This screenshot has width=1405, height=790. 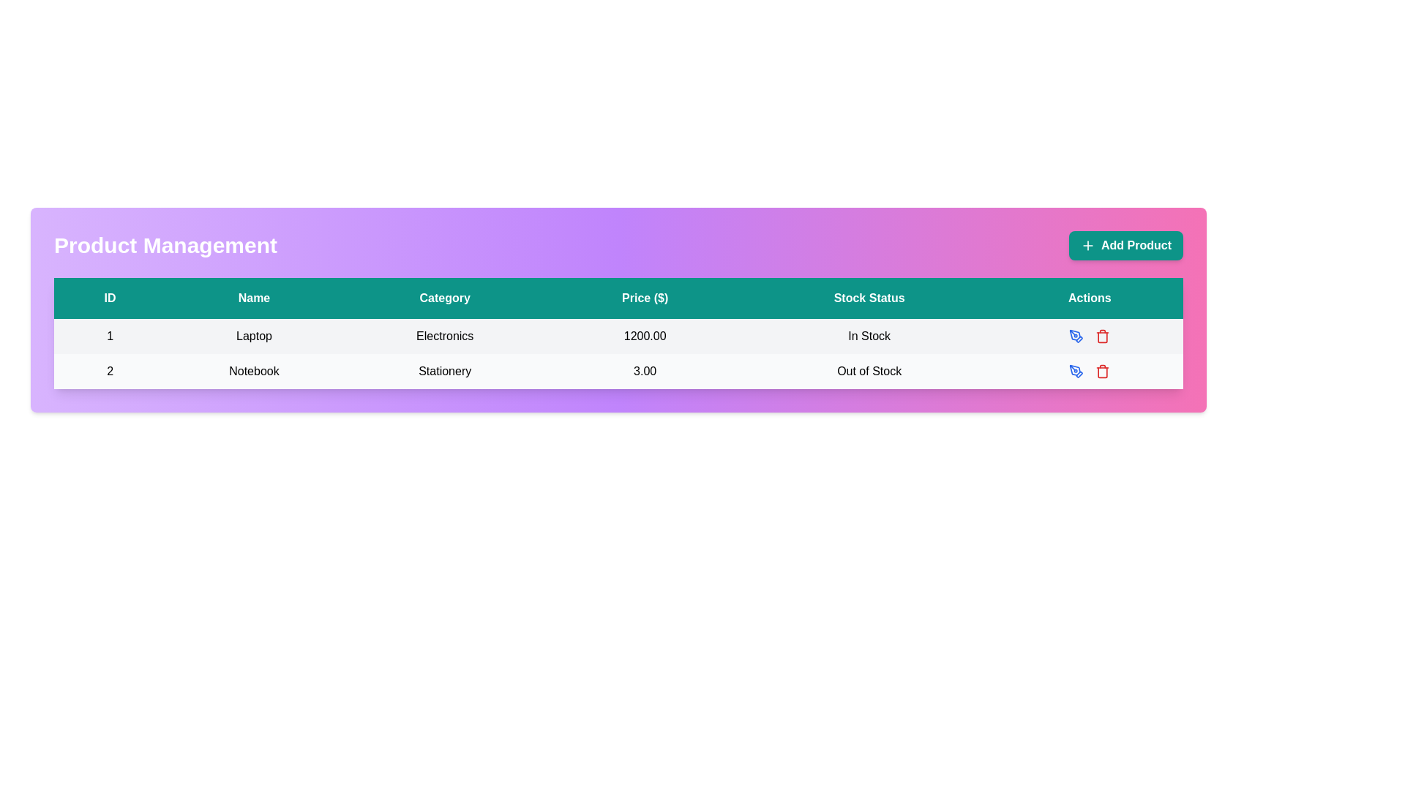 What do you see at coordinates (254, 336) in the screenshot?
I see `the label displaying the product name in the first data row of the table, located under the 'Name' column and preceding the 'Electronics' column` at bounding box center [254, 336].